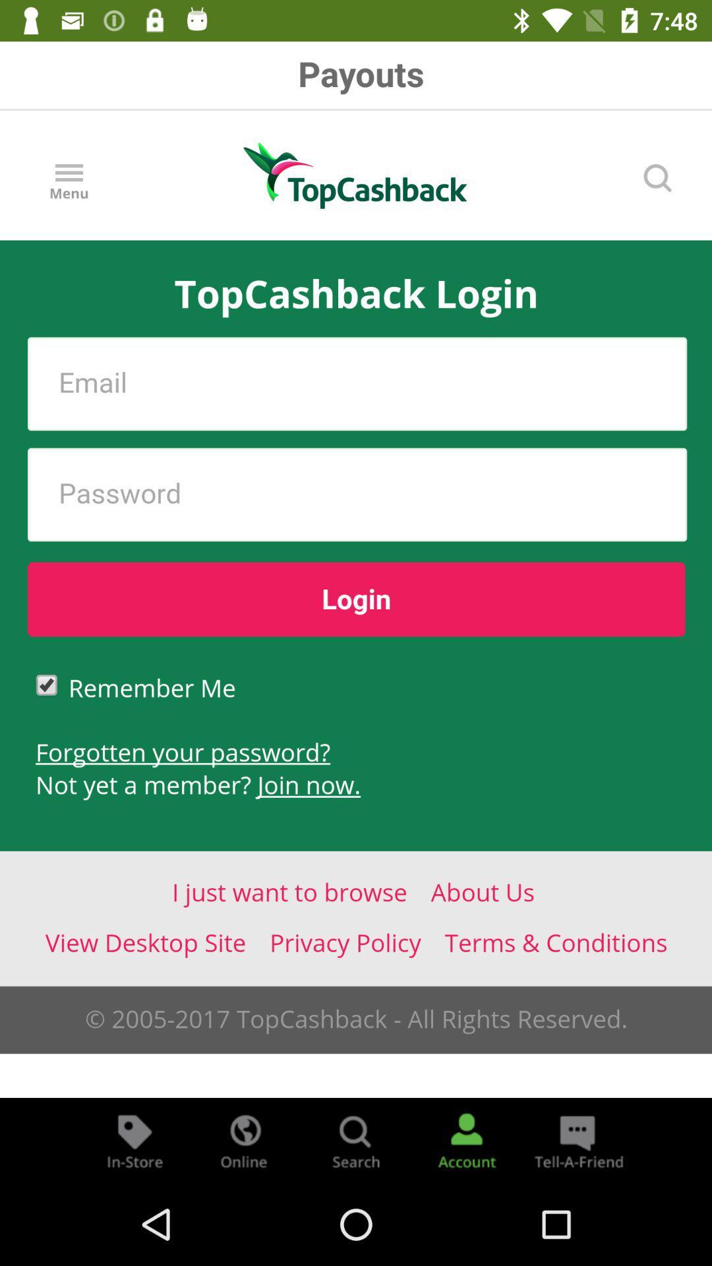  Describe the element at coordinates (576, 1139) in the screenshot. I see `write message` at that location.